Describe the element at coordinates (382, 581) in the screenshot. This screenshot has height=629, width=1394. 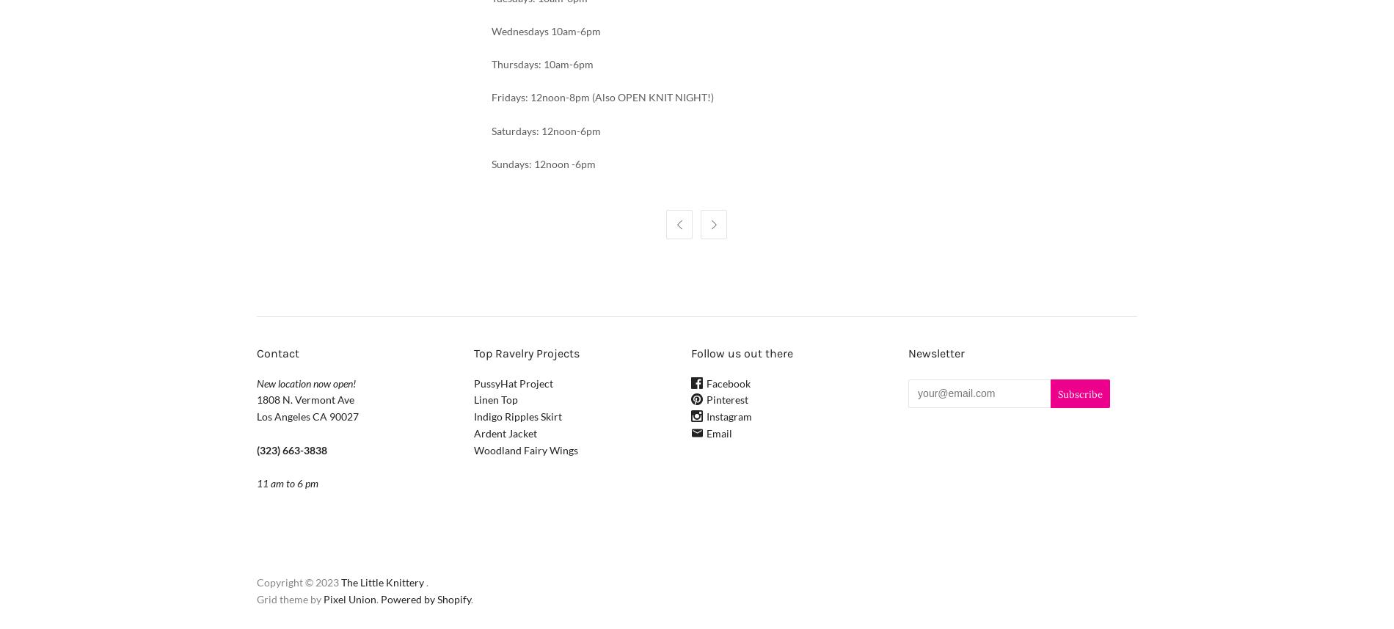
I see `'The Little Knittery'` at that location.